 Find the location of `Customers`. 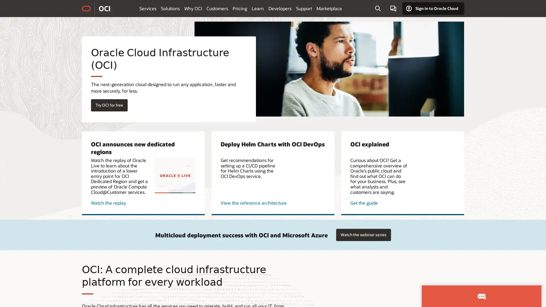

Customers is located at coordinates (217, 8).